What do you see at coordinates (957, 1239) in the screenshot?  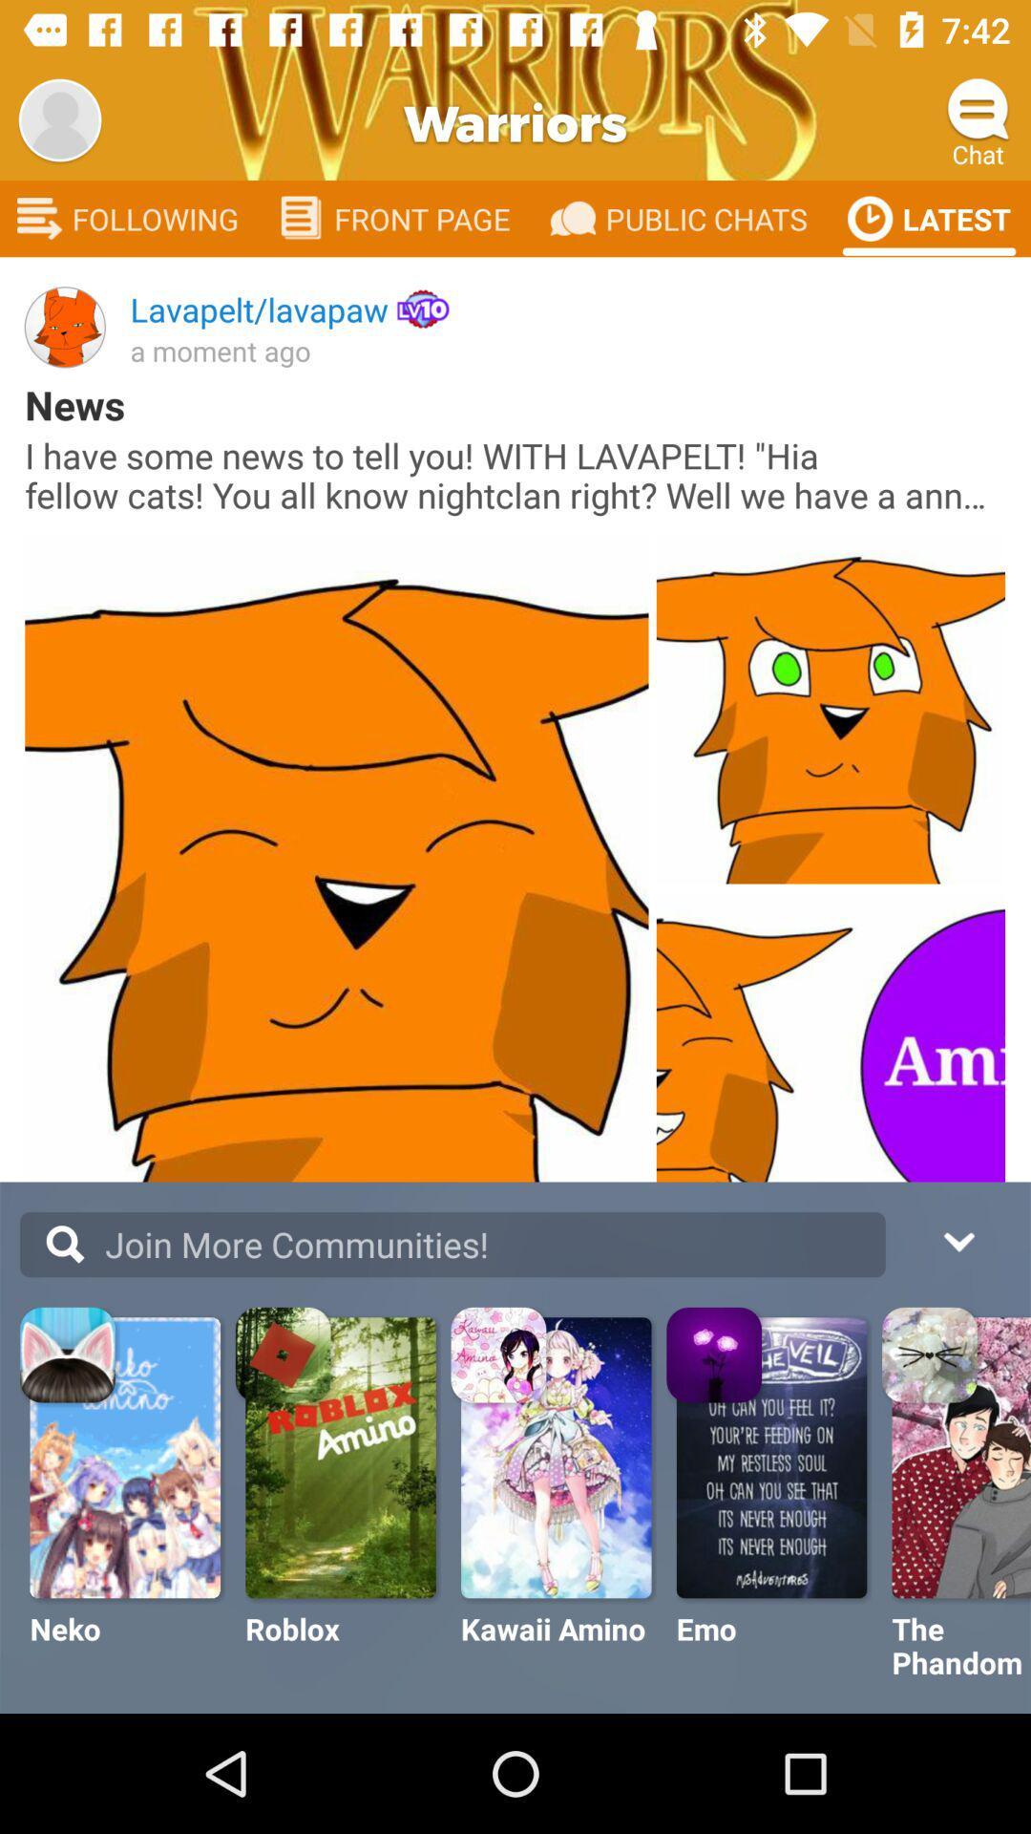 I see `the expand_more icon` at bounding box center [957, 1239].